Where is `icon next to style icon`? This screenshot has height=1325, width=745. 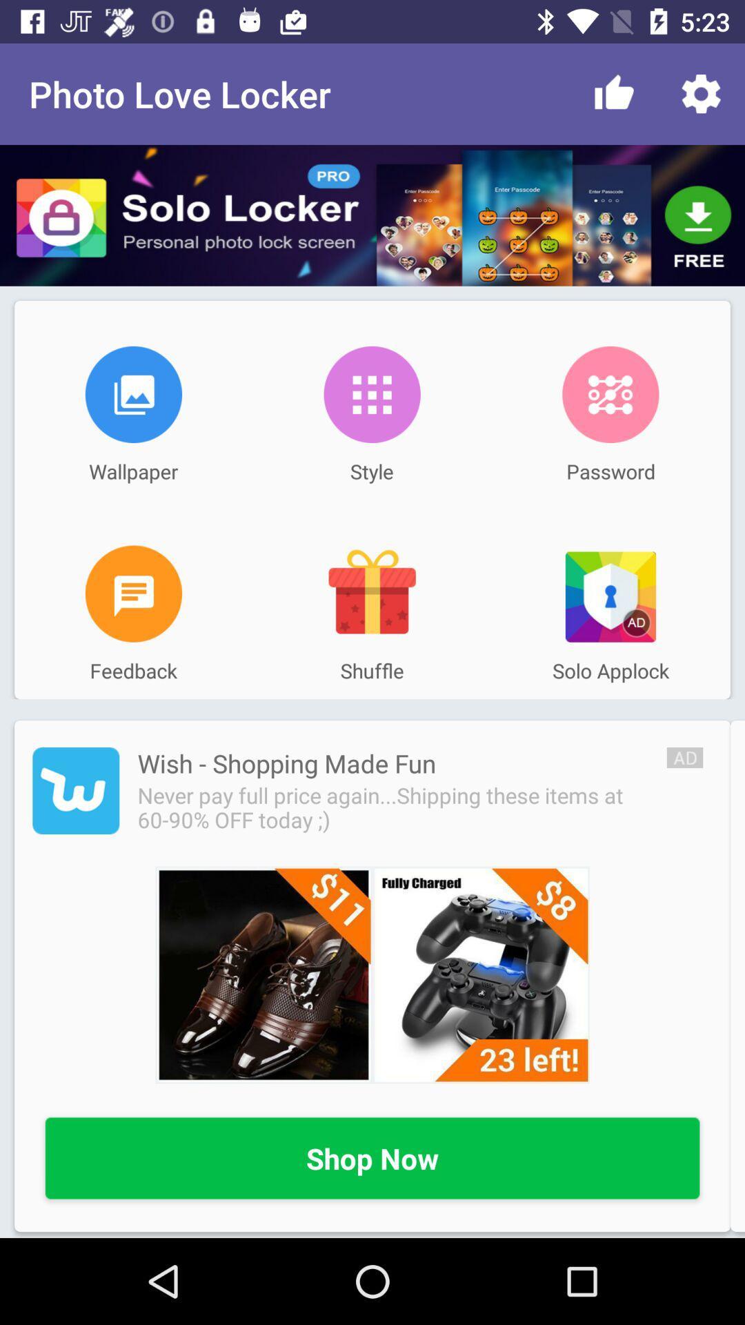
icon next to style icon is located at coordinates (610, 393).